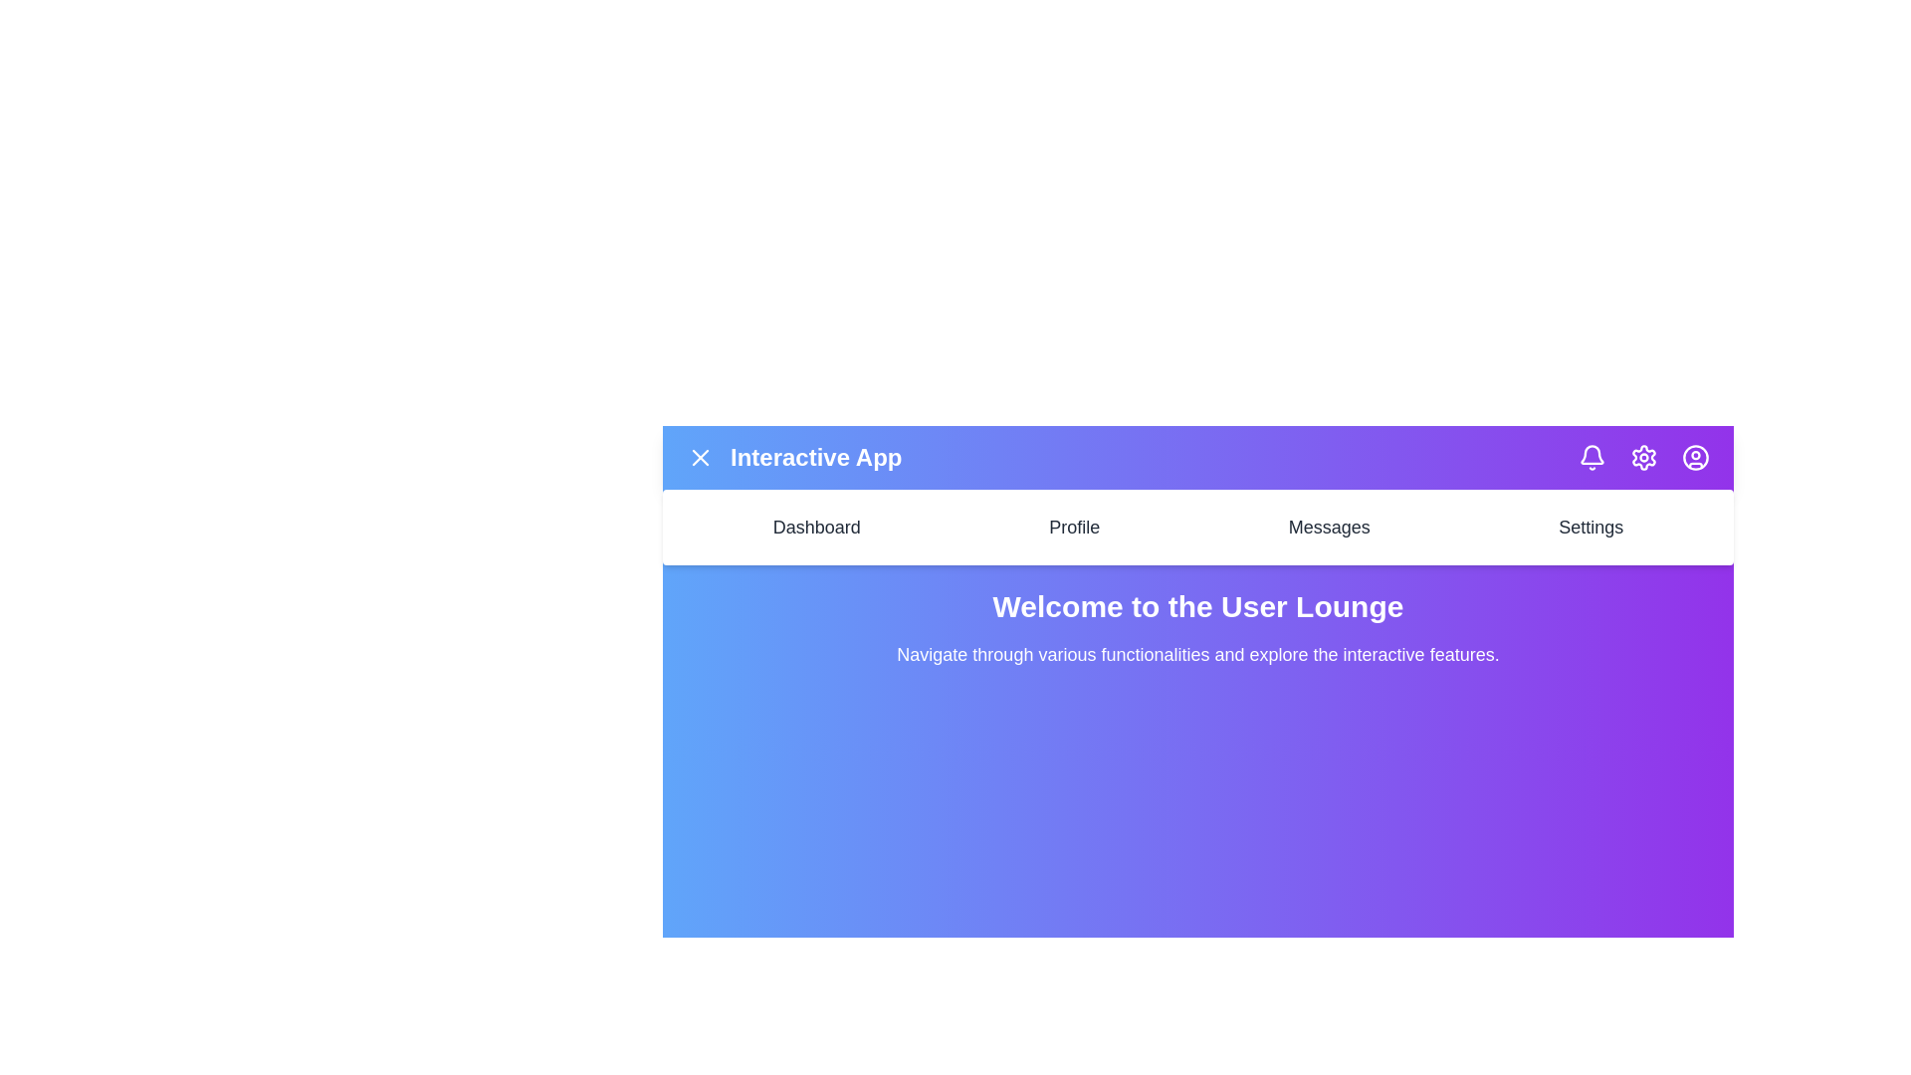  Describe the element at coordinates (1073, 526) in the screenshot. I see `the Profile navigation menu item` at that location.